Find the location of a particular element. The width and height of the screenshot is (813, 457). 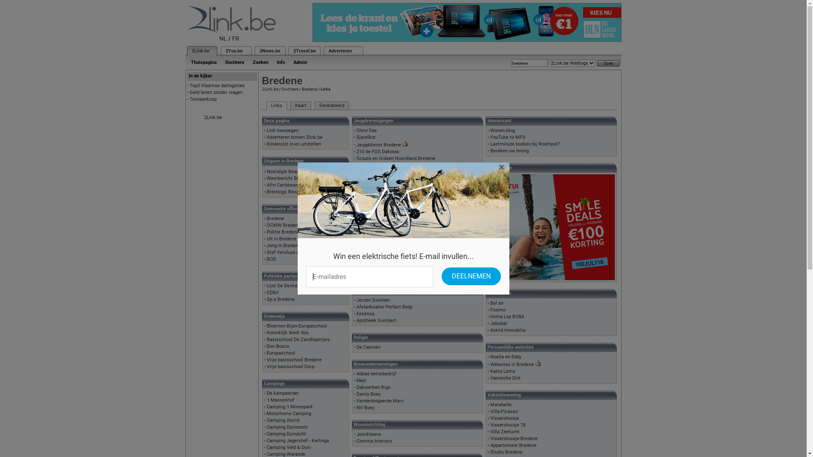

'Websites in Bredene' is located at coordinates (512, 364).